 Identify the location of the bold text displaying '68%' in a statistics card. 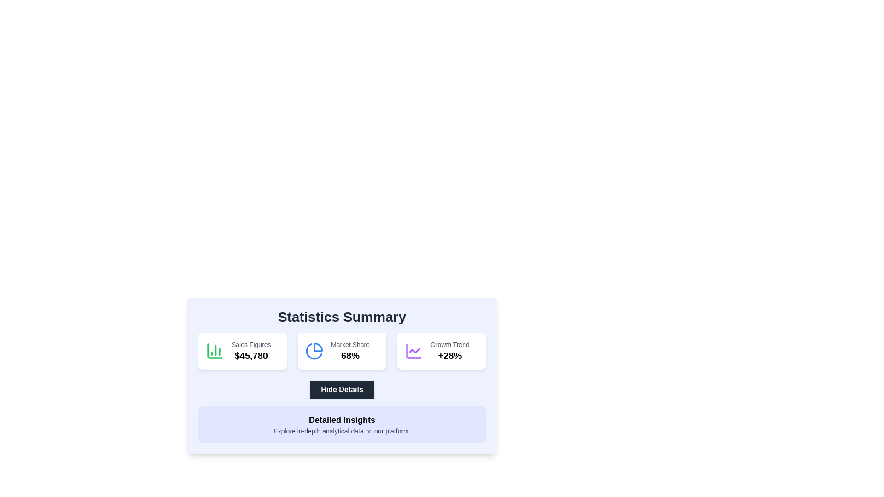
(350, 355).